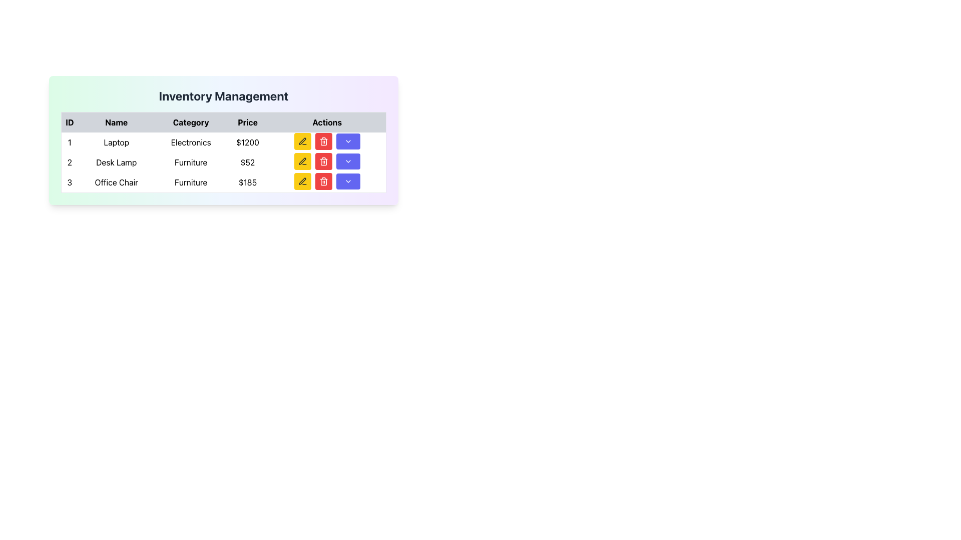 The width and height of the screenshot is (961, 540). I want to click on the delete icon button in the Actions column of the table, so click(323, 141).